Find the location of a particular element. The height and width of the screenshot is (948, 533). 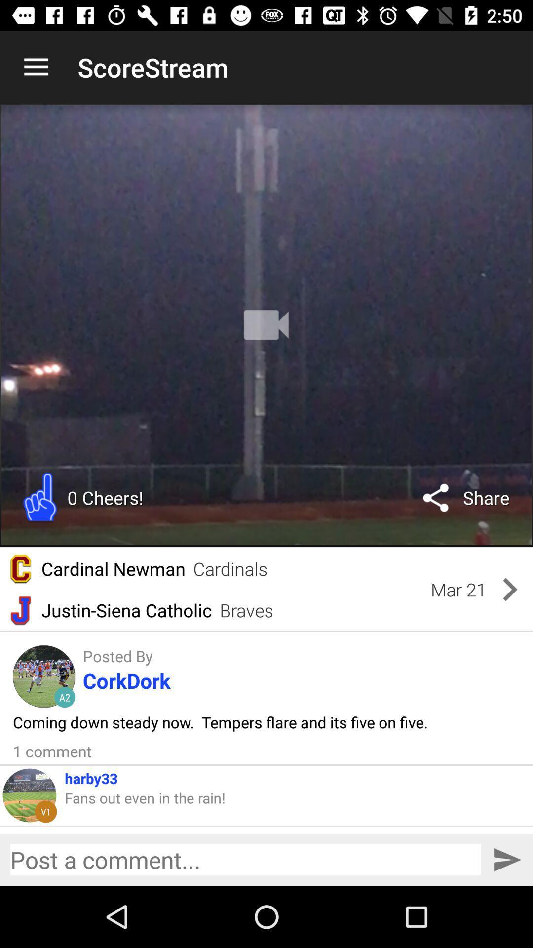

submit post to chat is located at coordinates (507, 859).